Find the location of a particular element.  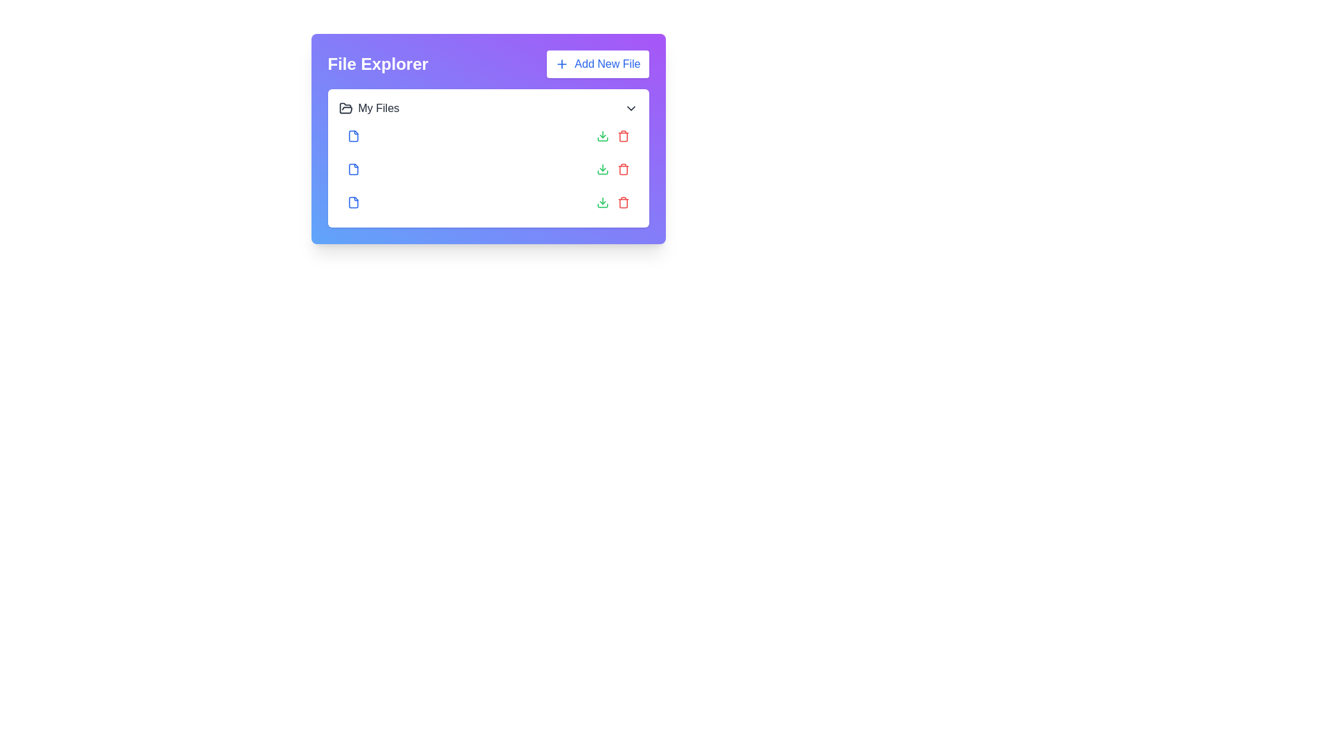

the delete button in the 'File Explorer' interface is located at coordinates (622, 203).